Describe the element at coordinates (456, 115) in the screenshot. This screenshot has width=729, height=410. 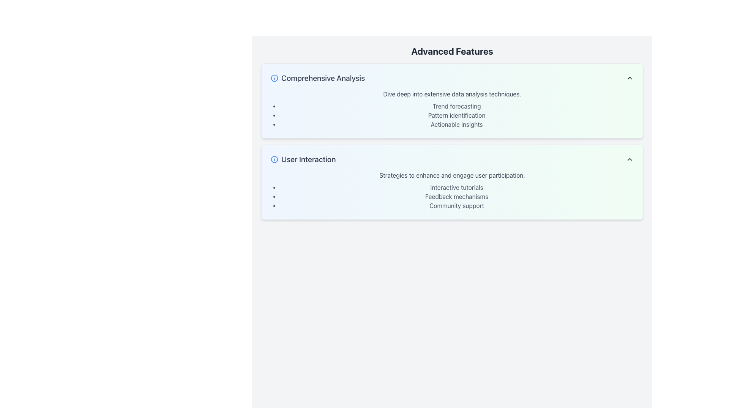
I see `the text label reading 'Pattern identification' located in the 'Comprehensive Analysis' section, which is the middle item in a list of three entries` at that location.